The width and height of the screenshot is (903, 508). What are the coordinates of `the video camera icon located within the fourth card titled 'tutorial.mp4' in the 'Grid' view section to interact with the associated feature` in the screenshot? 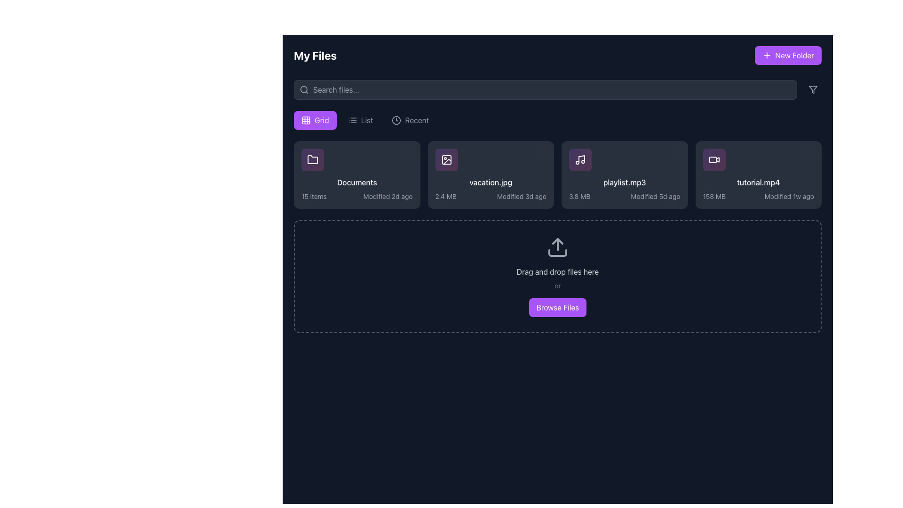 It's located at (714, 159).